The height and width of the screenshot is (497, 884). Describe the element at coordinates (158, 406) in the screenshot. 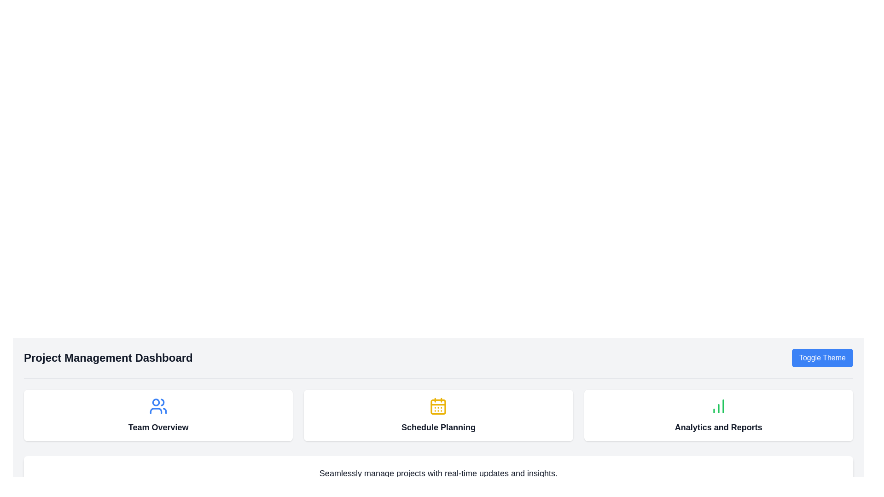

I see `the blue icon representing two user figures, located at the center top of the 'Team Overview' card` at that location.